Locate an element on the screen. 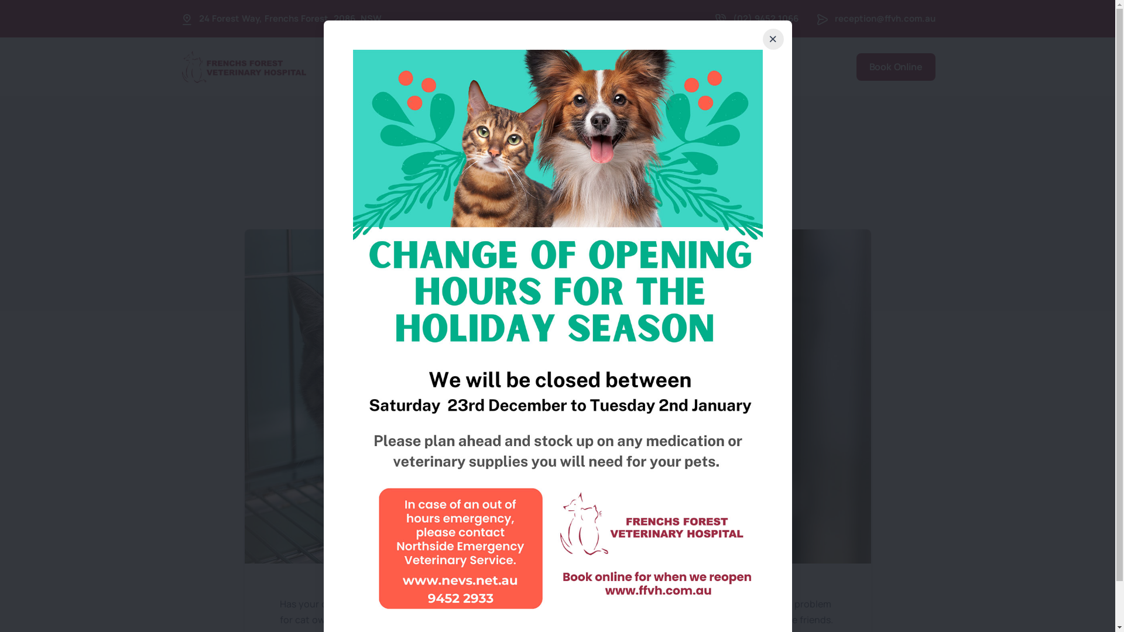 This screenshot has height=632, width=1124. '24 Forest Way, Frenchs Forest, 2086, NSW' is located at coordinates (199, 18).